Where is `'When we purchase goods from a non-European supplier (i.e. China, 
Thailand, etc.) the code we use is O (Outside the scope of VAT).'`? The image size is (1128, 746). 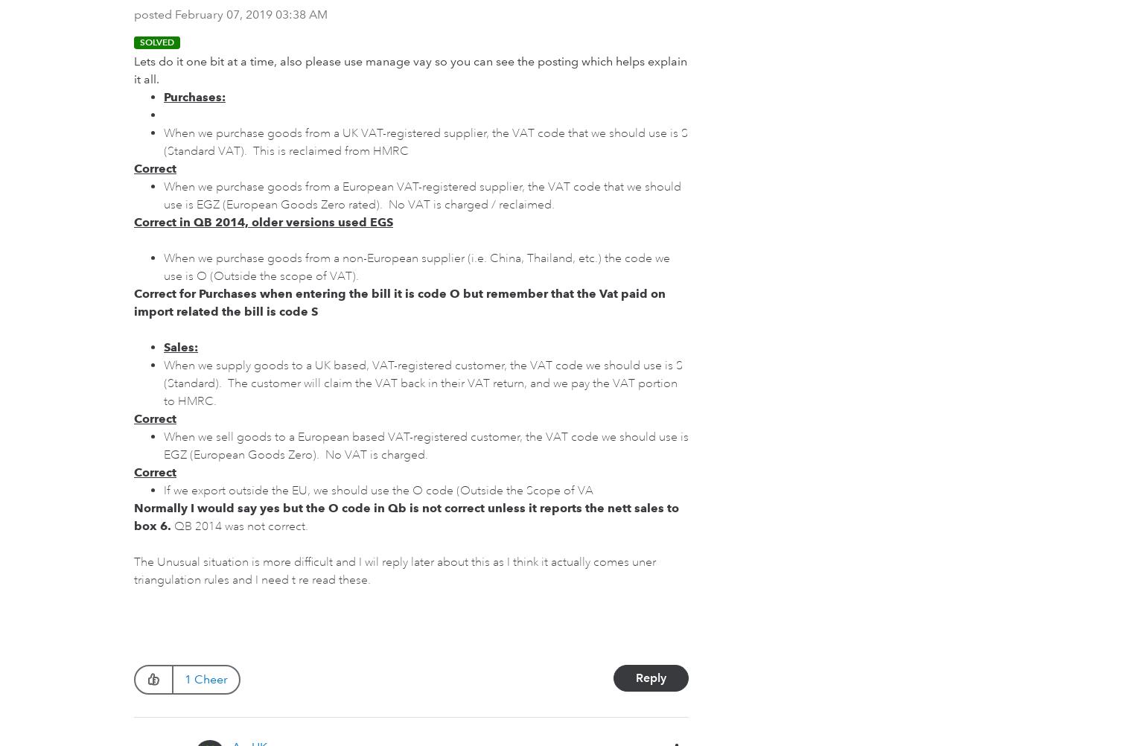 'When we purchase goods from a non-European supplier (i.e. China, 
Thailand, etc.) the code we use is O (Outside the scope of VAT).' is located at coordinates (415, 267).